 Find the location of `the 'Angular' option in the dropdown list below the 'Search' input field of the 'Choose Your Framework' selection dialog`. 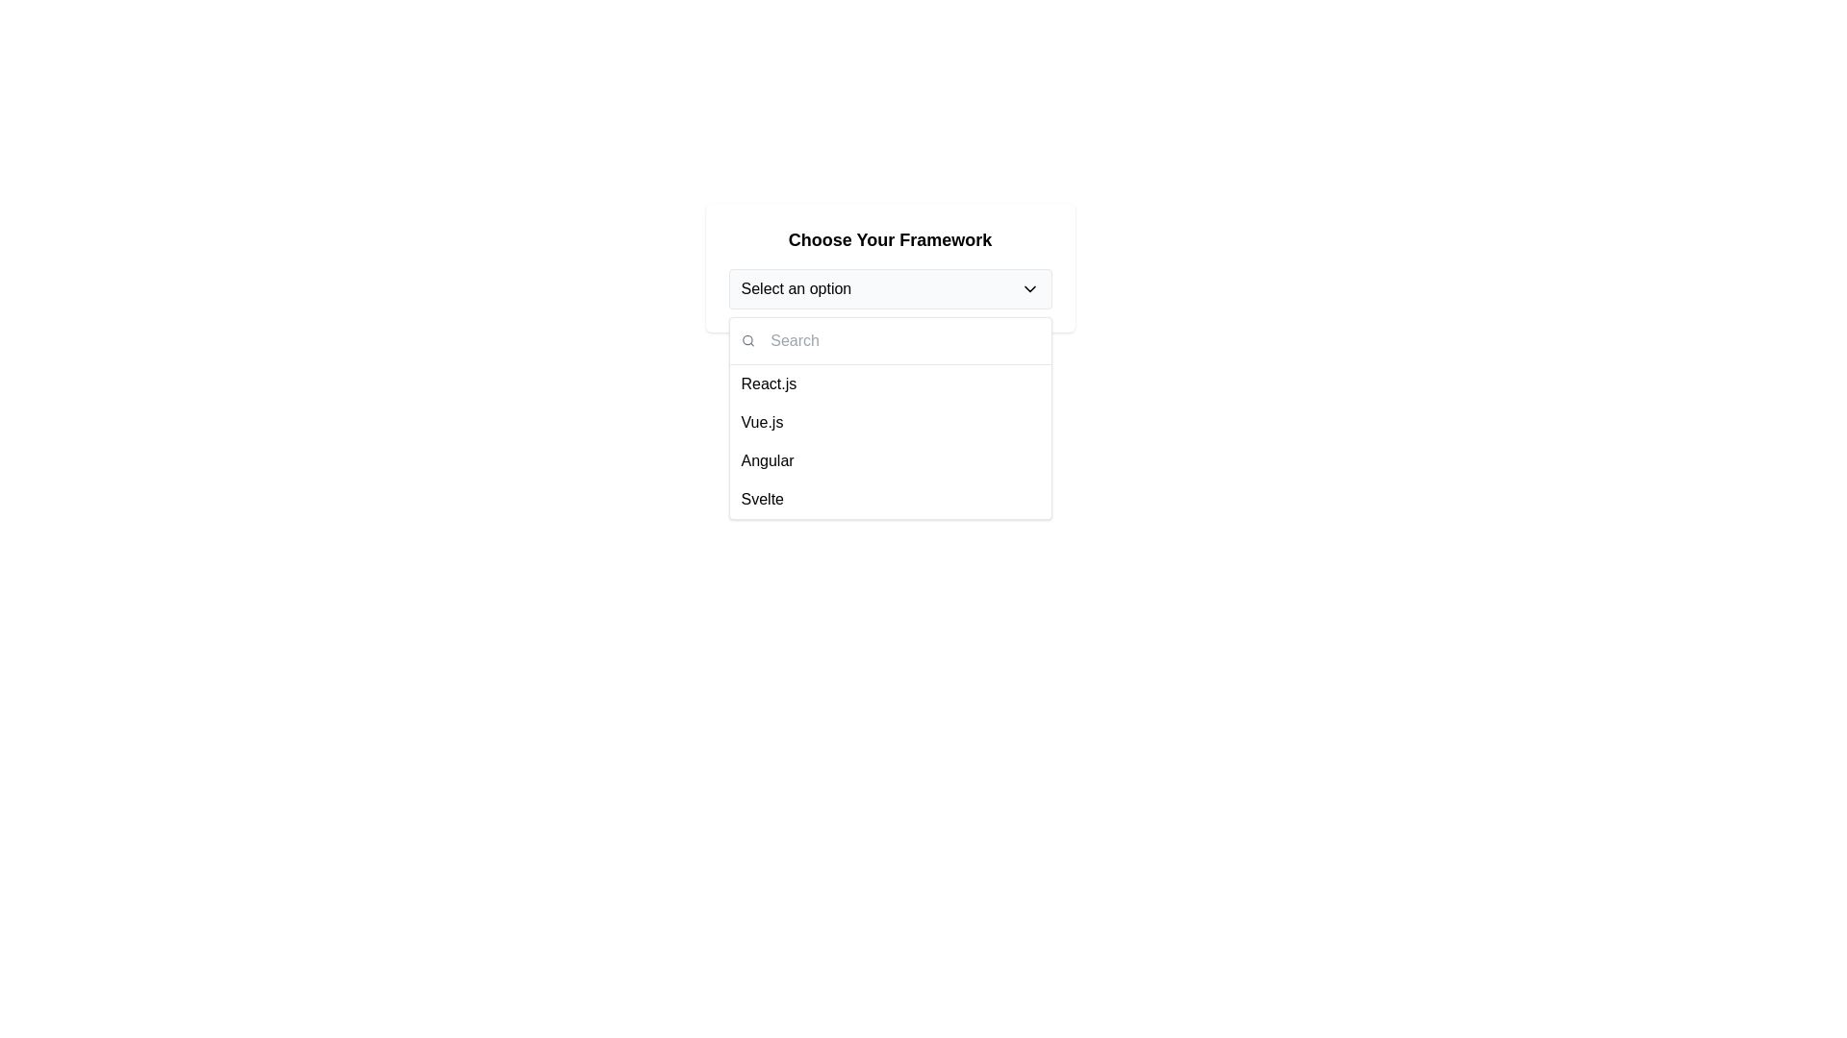

the 'Angular' option in the dropdown list below the 'Search' input field of the 'Choose Your Framework' selection dialog is located at coordinates (889, 441).